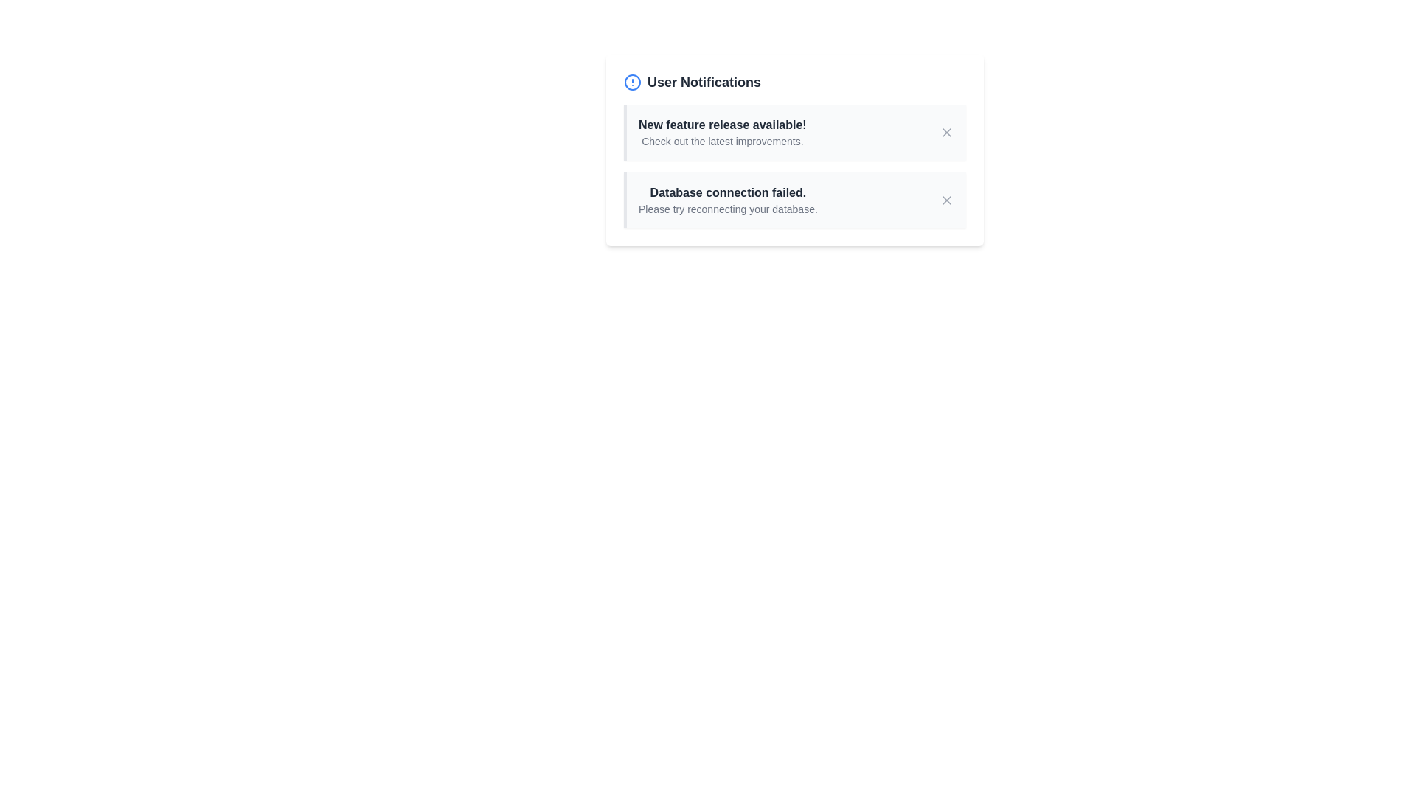 This screenshot has width=1416, height=796. I want to click on the bold text label reading 'New feature release available!' located at the top of the 'User Notifications' box, so click(722, 124).